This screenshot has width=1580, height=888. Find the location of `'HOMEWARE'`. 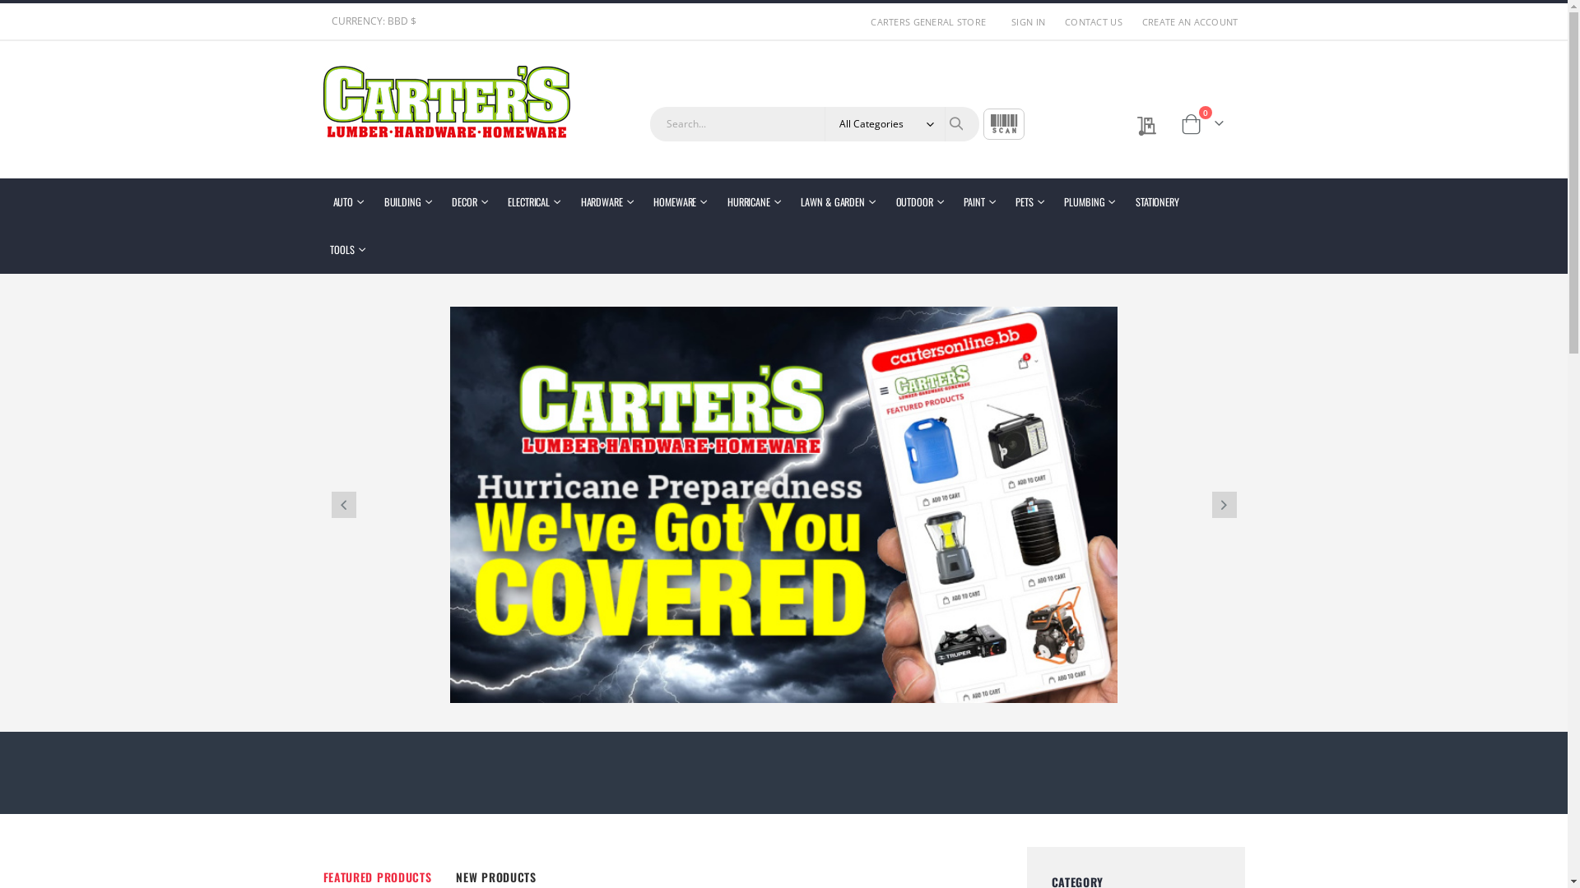

'HOMEWARE' is located at coordinates (680, 201).